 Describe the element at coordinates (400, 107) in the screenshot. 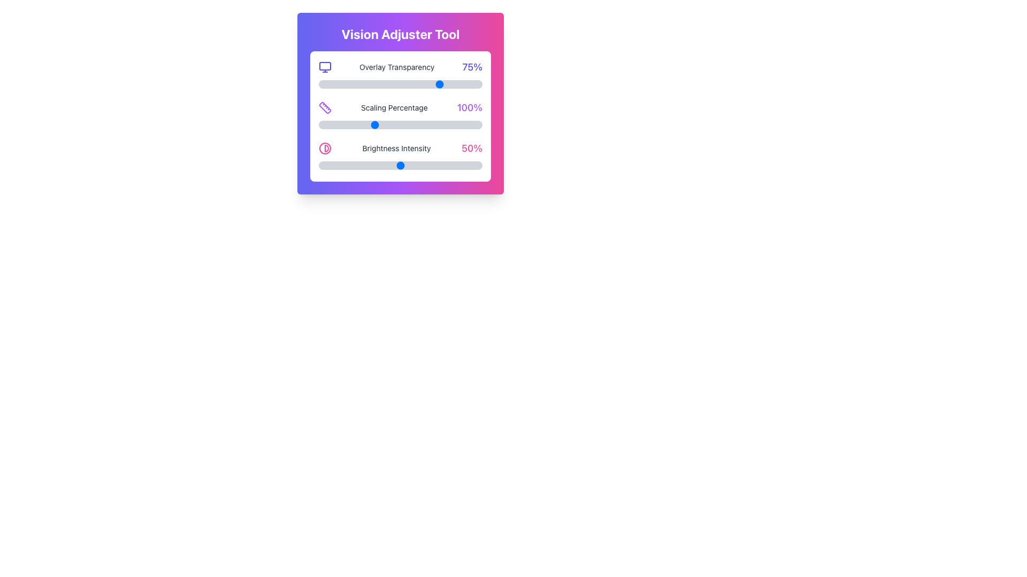

I see `the Informational row displaying 'Scaling Percentage' with the value '100%', located in the 'Vision Adjuster Tool' panel` at that location.